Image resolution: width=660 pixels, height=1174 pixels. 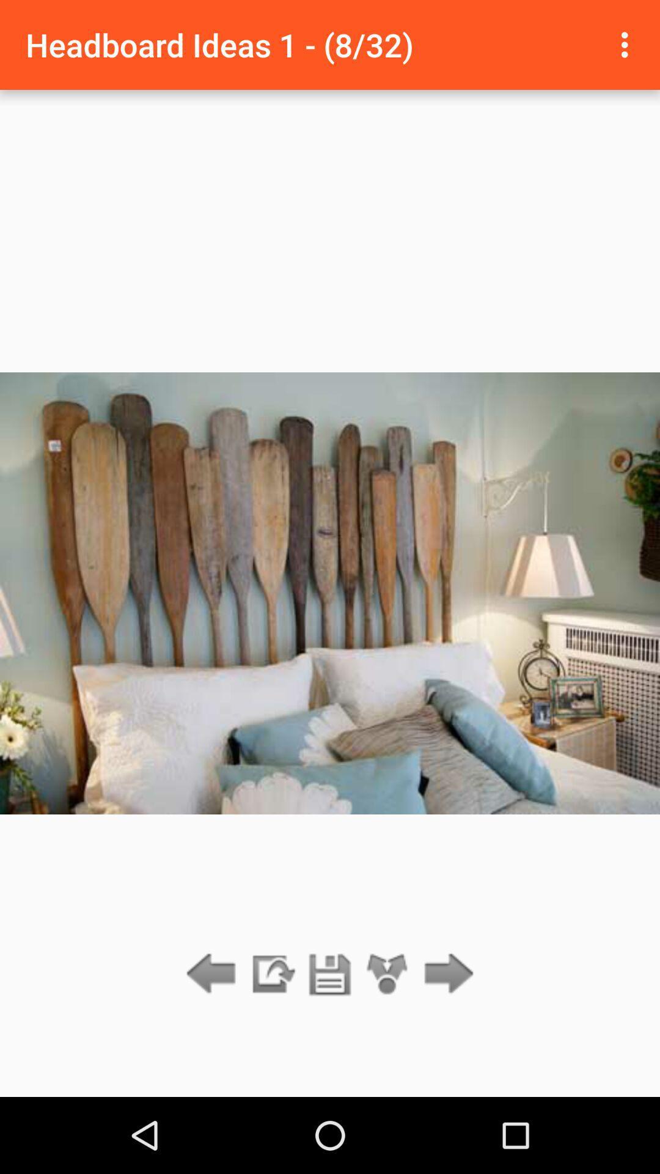 What do you see at coordinates (214, 974) in the screenshot?
I see `previous` at bounding box center [214, 974].